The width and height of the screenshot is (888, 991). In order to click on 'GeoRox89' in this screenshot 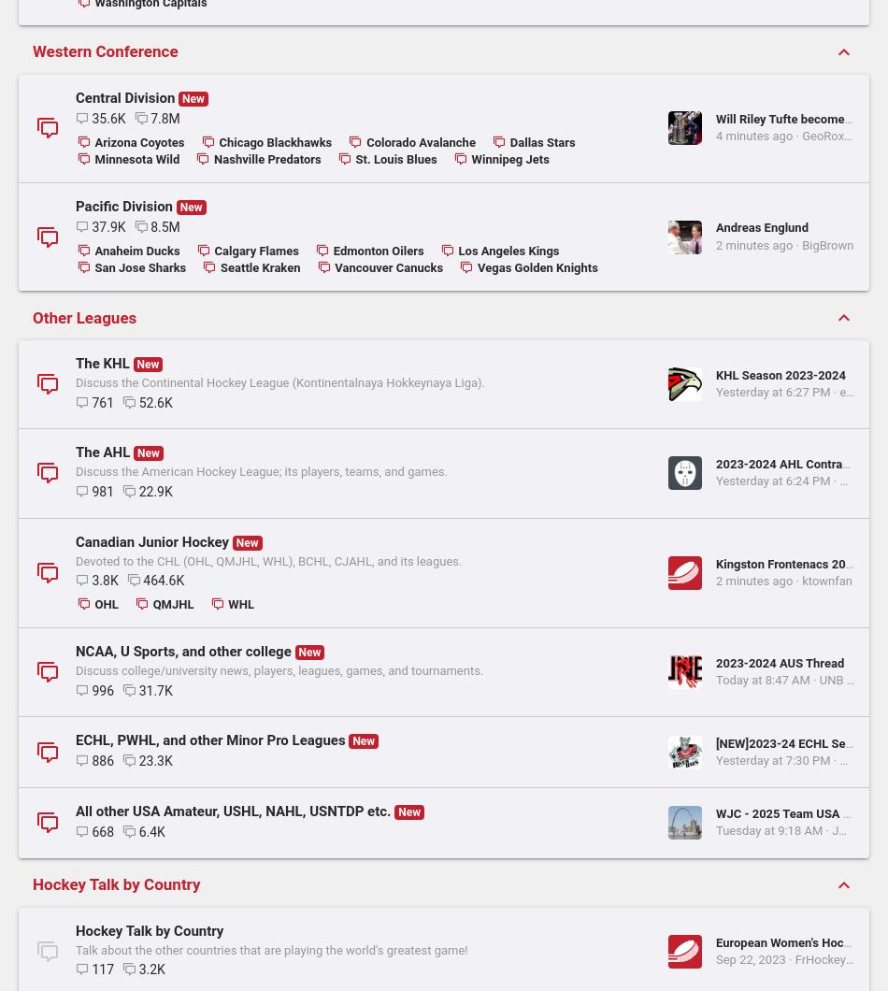, I will do `click(511, 741)`.